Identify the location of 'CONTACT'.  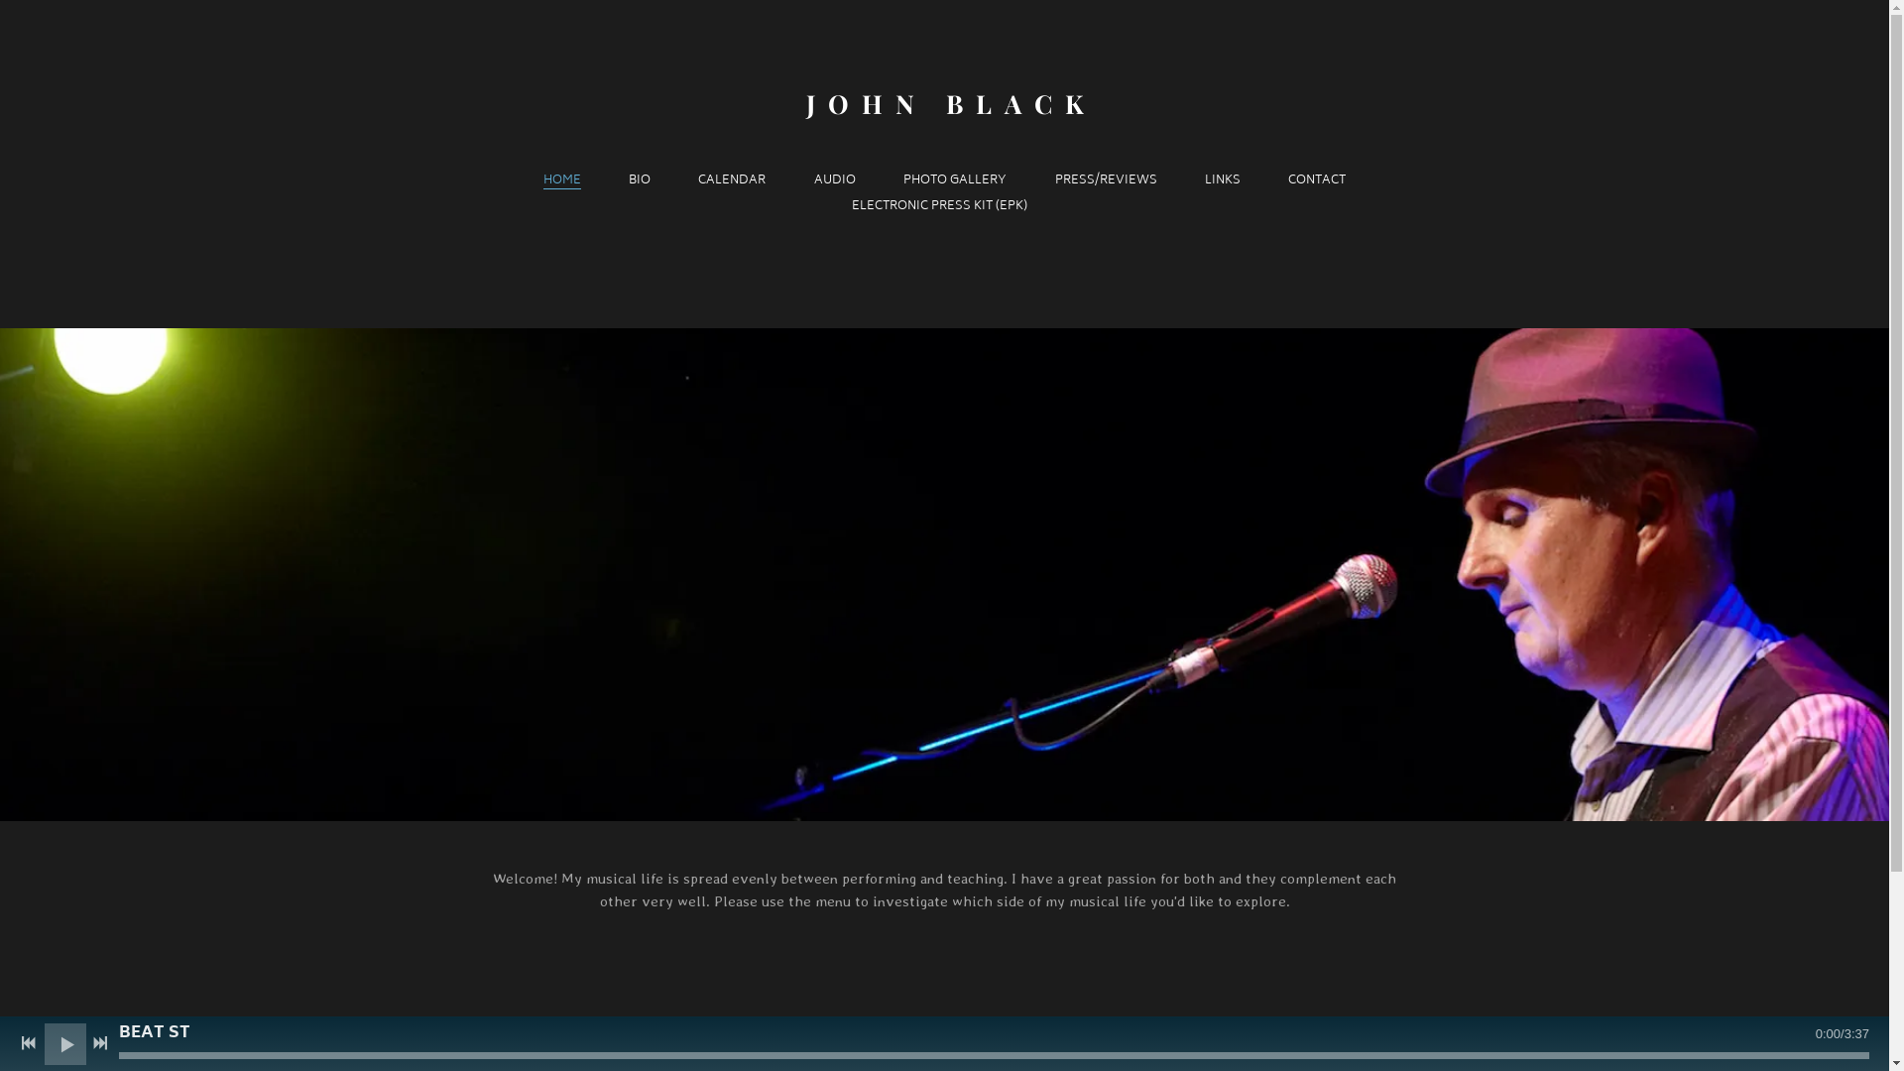
(1317, 180).